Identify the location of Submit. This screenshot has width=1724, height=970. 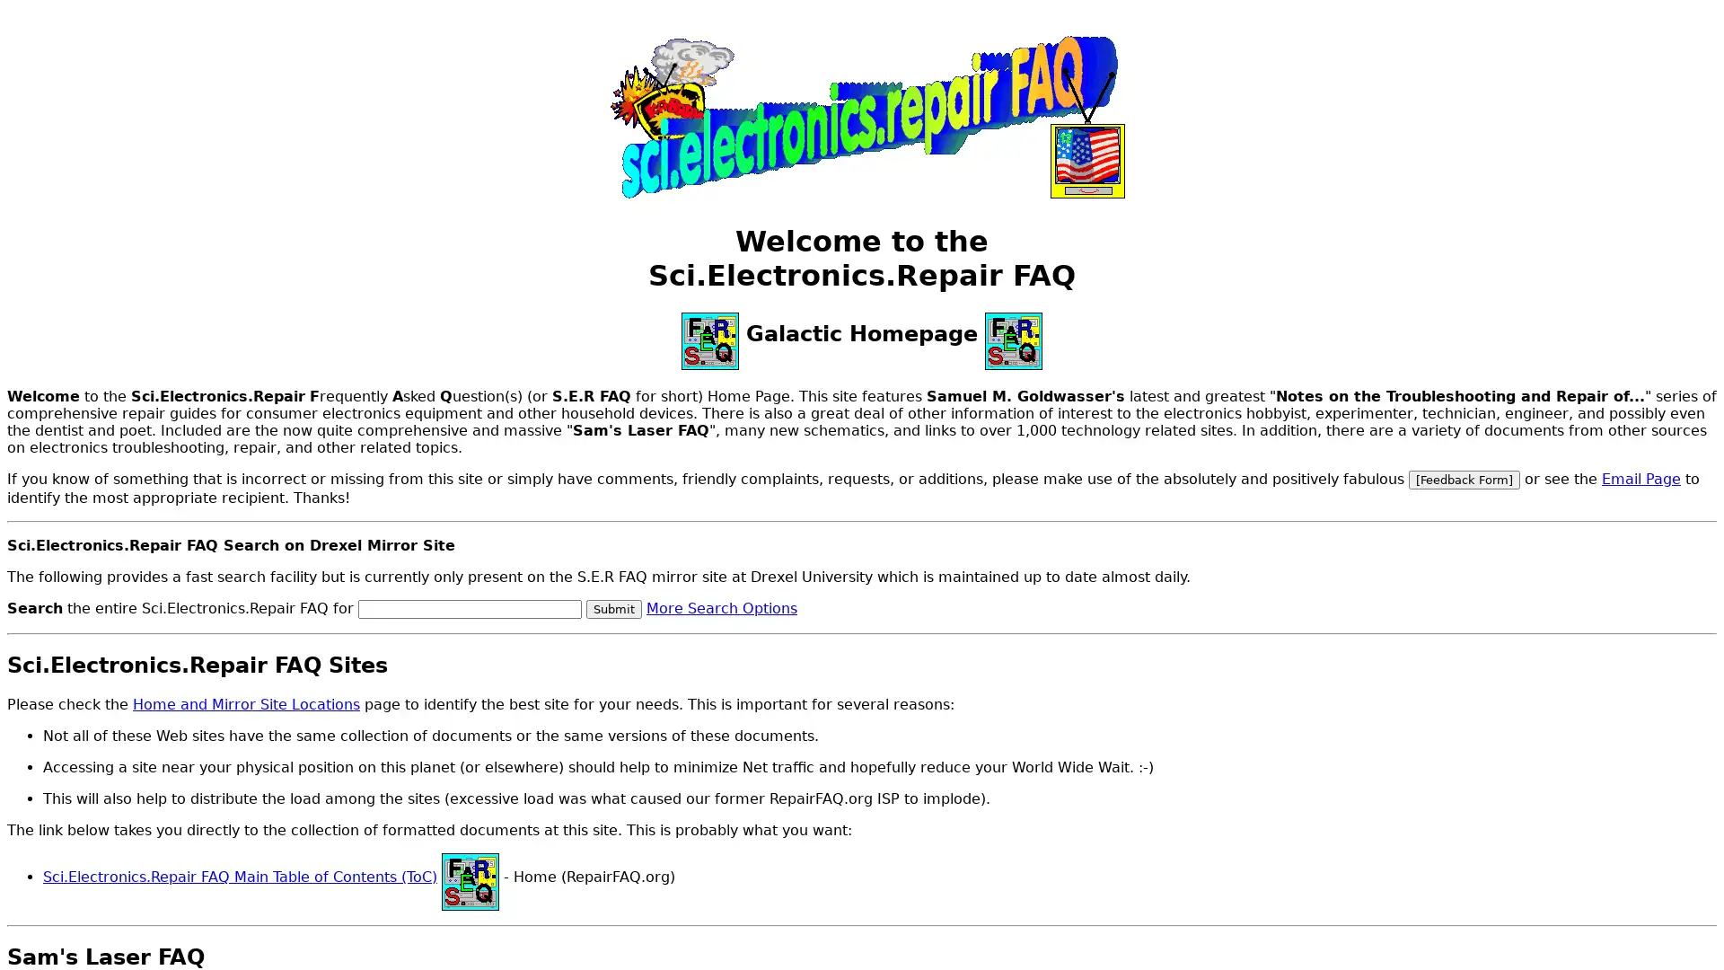
(613, 607).